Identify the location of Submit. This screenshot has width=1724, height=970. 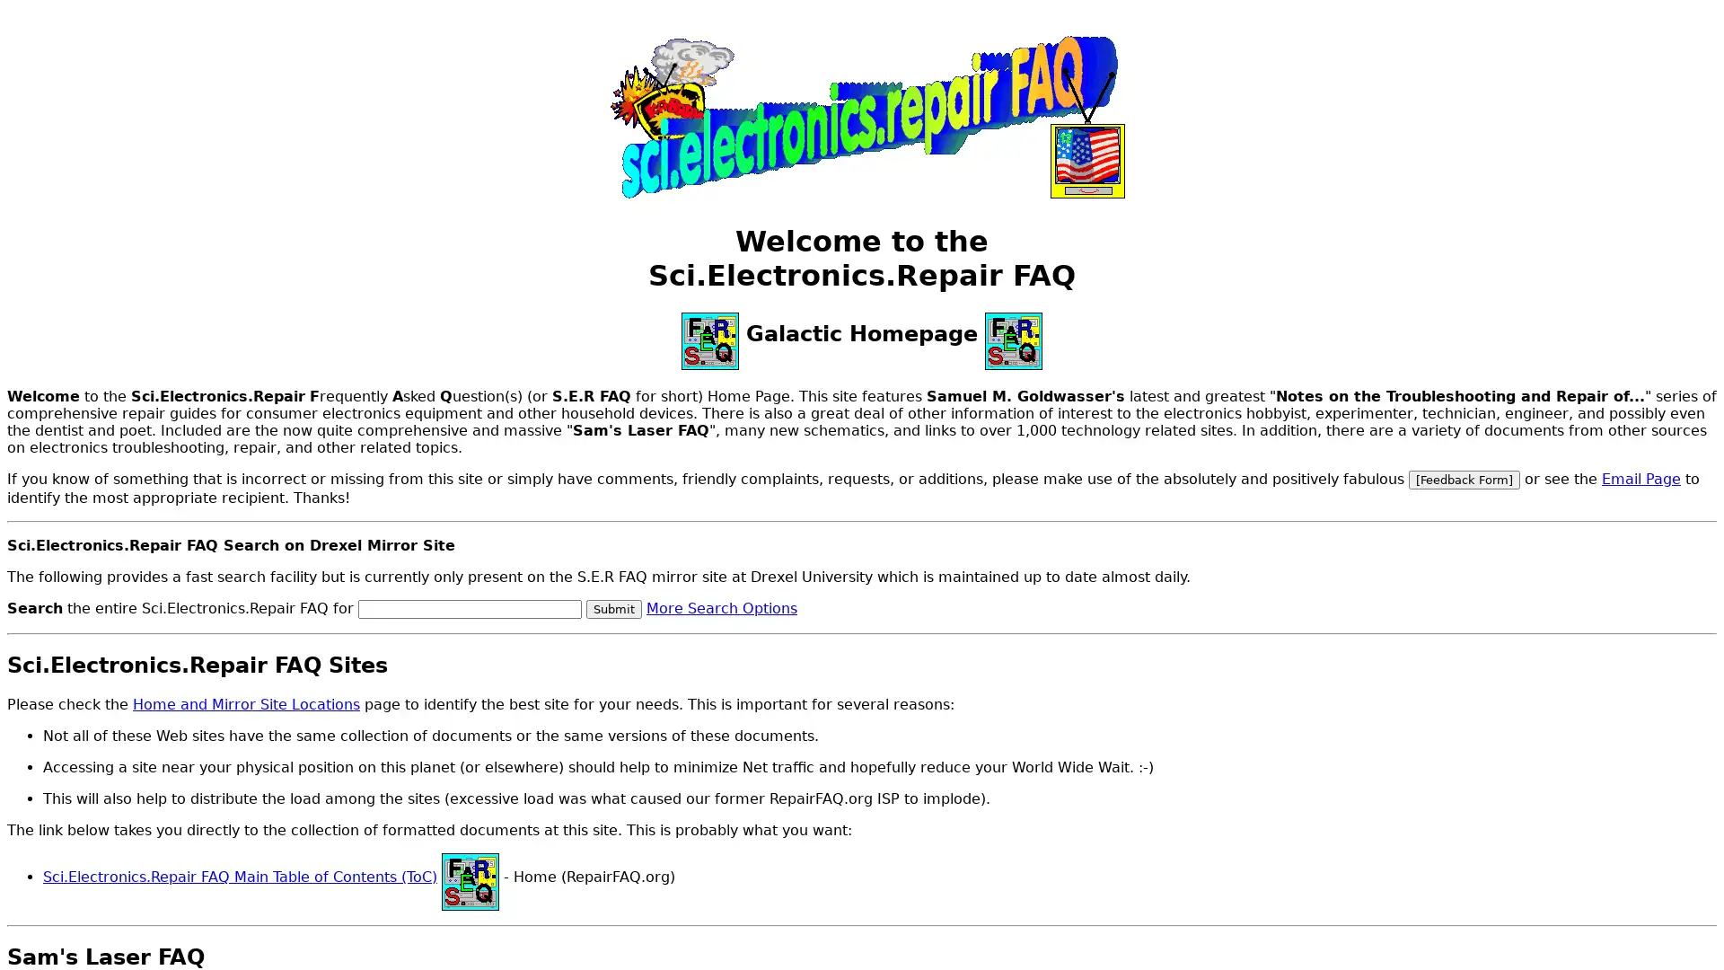
(613, 607).